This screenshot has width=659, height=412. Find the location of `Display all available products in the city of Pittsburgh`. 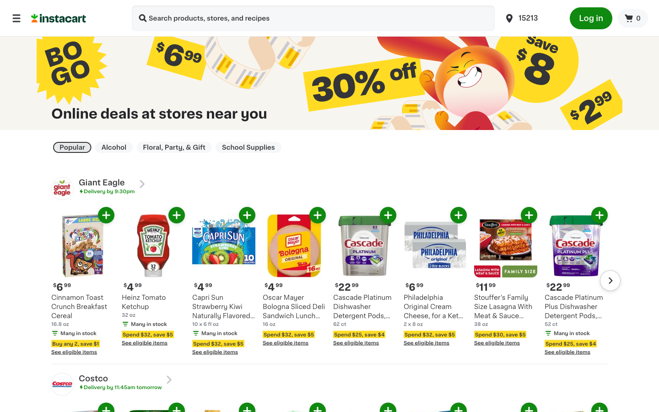

Display all available products in the city of Pittsburgh is located at coordinates (531, 17).